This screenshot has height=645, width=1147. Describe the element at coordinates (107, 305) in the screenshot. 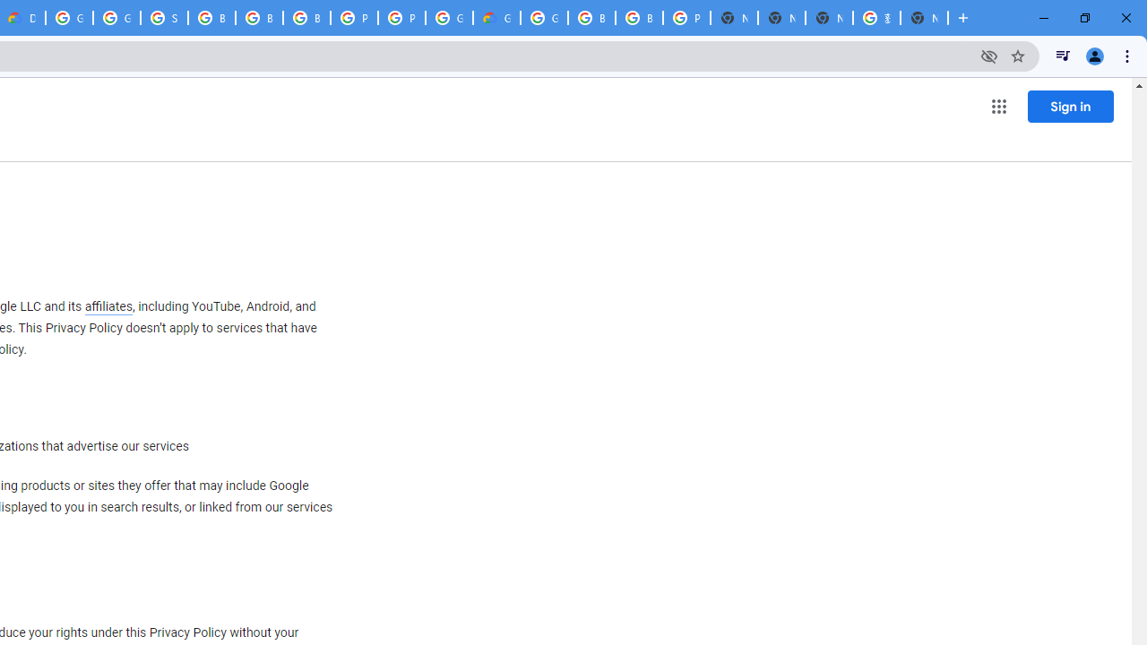

I see `'affiliates'` at that location.